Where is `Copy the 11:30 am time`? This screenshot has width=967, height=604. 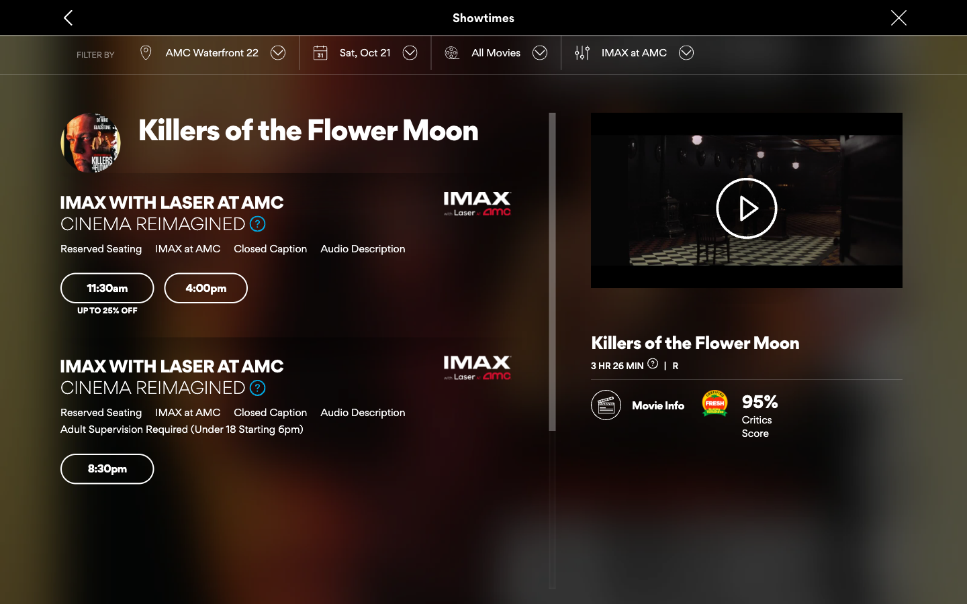
Copy the 11:30 am time is located at coordinates (106, 284).